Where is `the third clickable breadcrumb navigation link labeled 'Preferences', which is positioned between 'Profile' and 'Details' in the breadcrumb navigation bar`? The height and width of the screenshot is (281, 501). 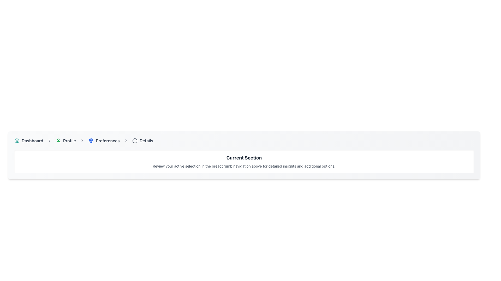 the third clickable breadcrumb navigation link labeled 'Preferences', which is positioned between 'Profile' and 'Details' in the breadcrumb navigation bar is located at coordinates (104, 140).